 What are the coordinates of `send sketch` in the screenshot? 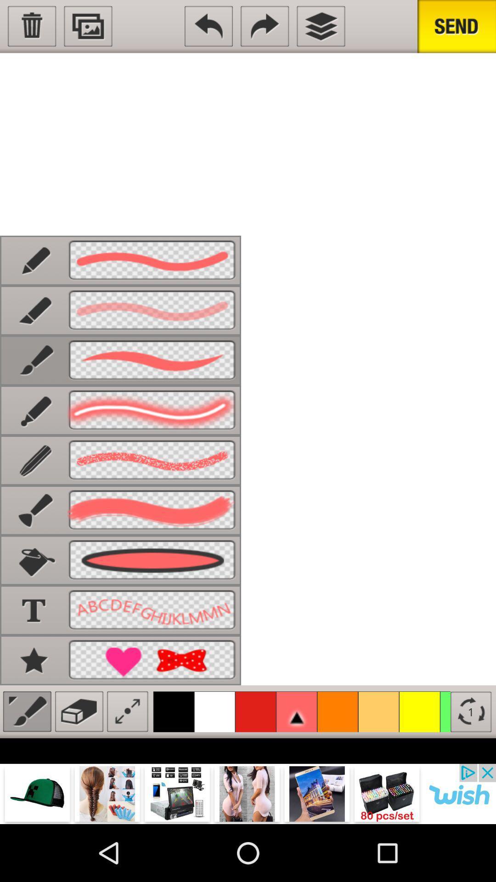 It's located at (457, 26).